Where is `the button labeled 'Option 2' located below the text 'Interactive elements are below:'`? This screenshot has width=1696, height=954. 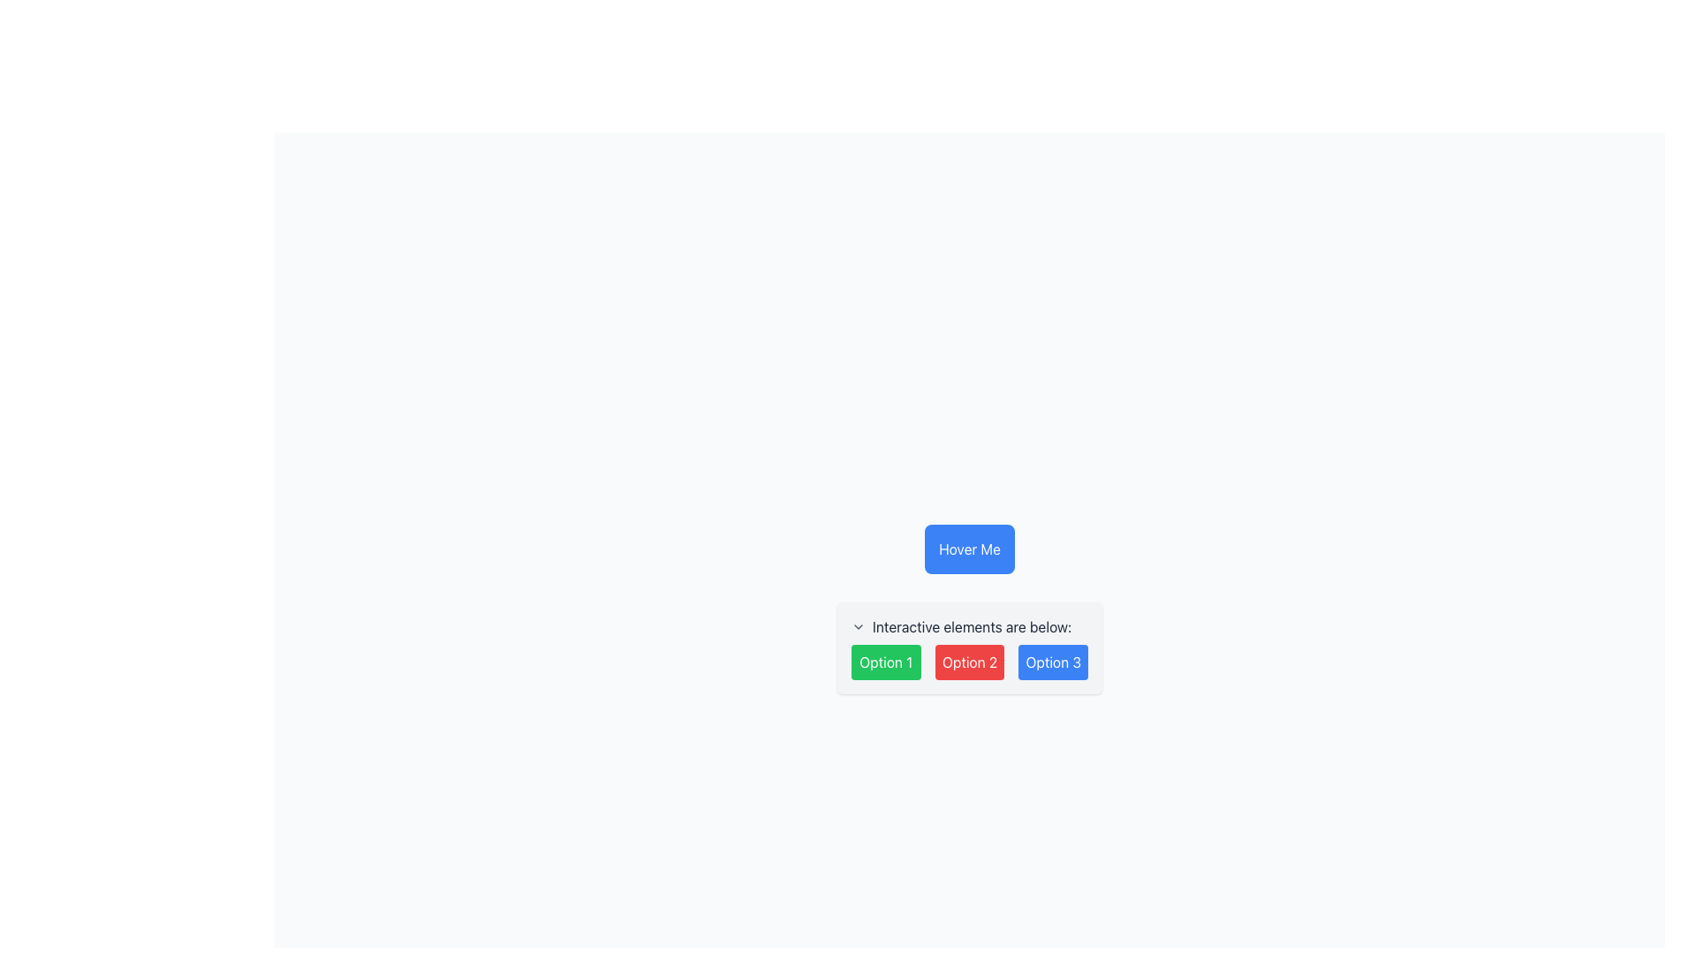 the button labeled 'Option 2' located below the text 'Interactive elements are below:' is located at coordinates (969, 662).